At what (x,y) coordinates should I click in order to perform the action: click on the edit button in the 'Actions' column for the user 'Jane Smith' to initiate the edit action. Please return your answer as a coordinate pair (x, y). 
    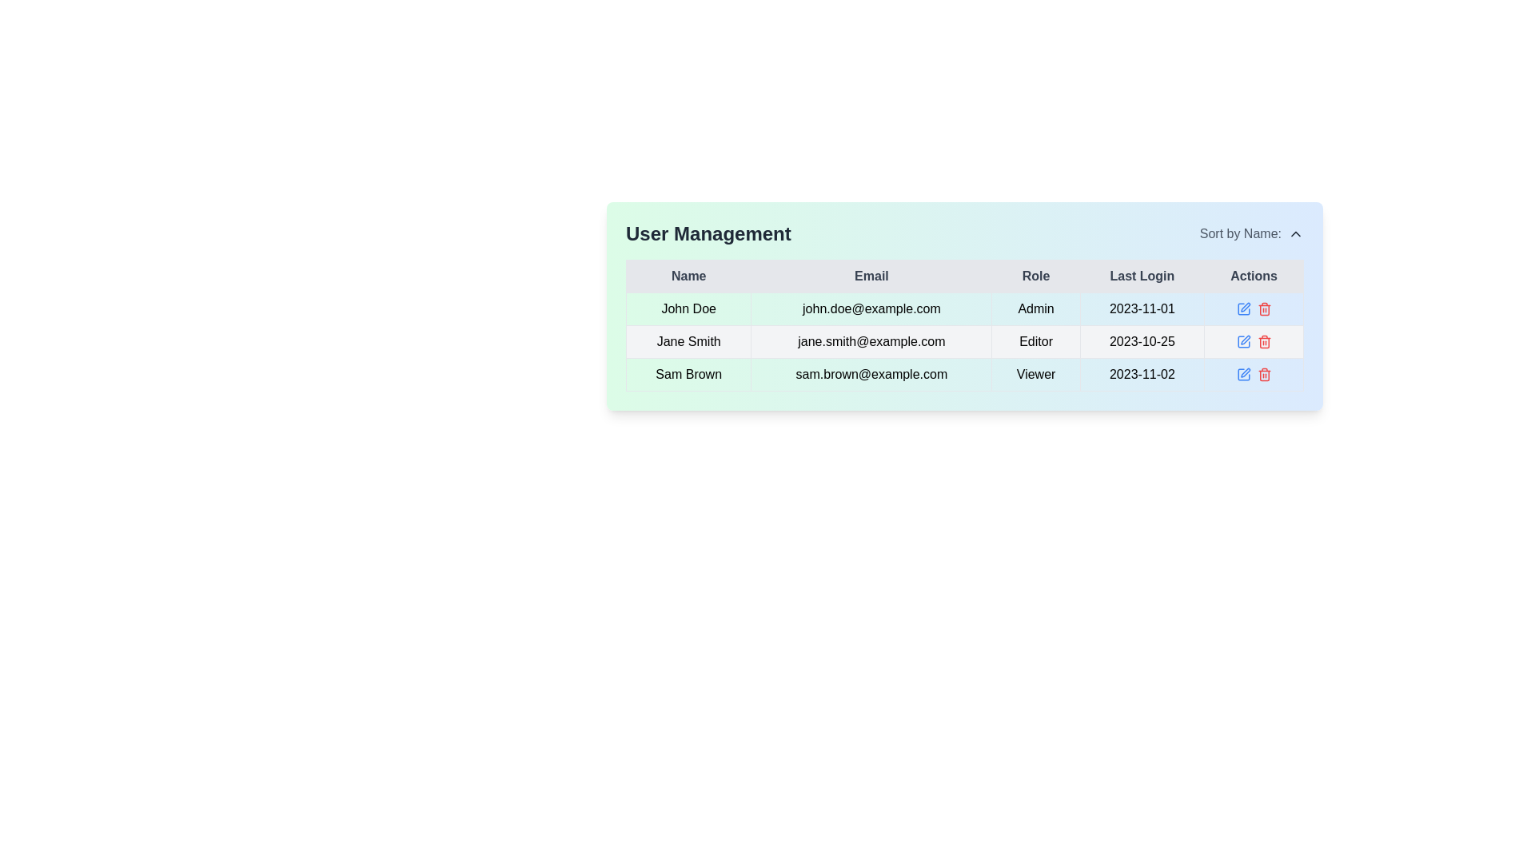
    Looking at the image, I should click on (1242, 341).